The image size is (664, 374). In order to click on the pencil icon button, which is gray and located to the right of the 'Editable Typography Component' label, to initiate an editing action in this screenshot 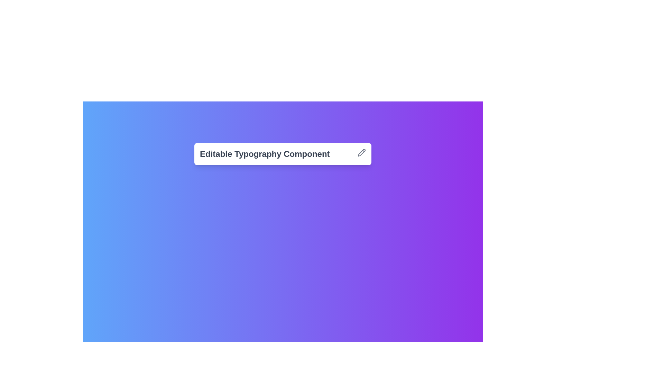, I will do `click(361, 152)`.